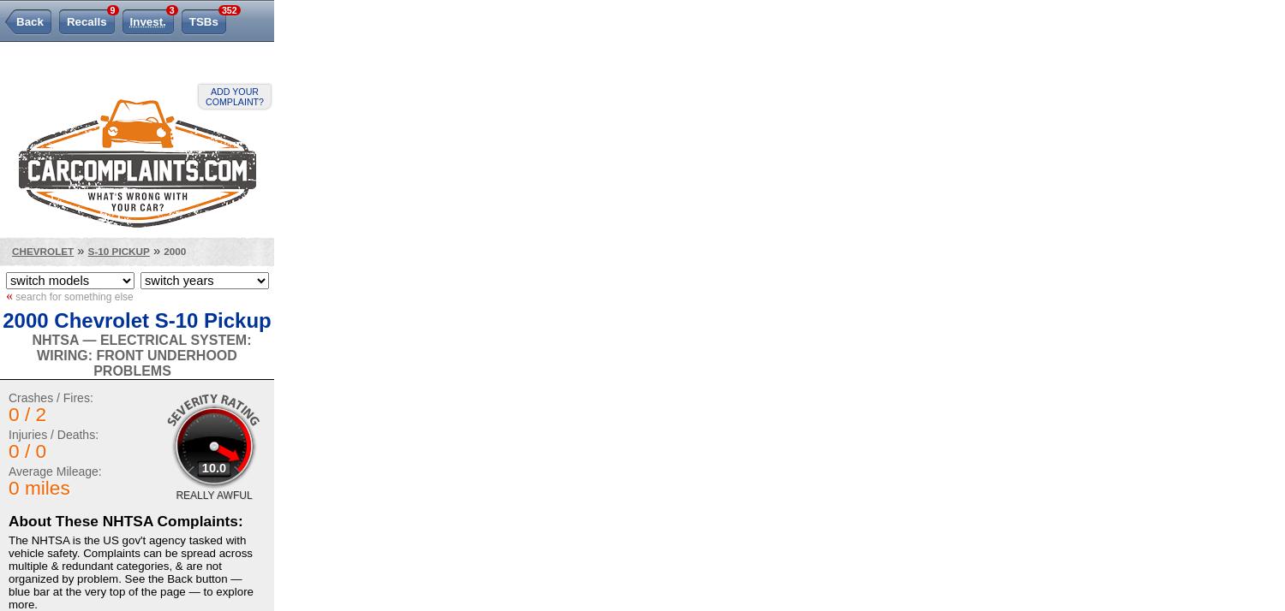 The image size is (1285, 611). Describe the element at coordinates (27, 450) in the screenshot. I see `'0 / 0'` at that location.